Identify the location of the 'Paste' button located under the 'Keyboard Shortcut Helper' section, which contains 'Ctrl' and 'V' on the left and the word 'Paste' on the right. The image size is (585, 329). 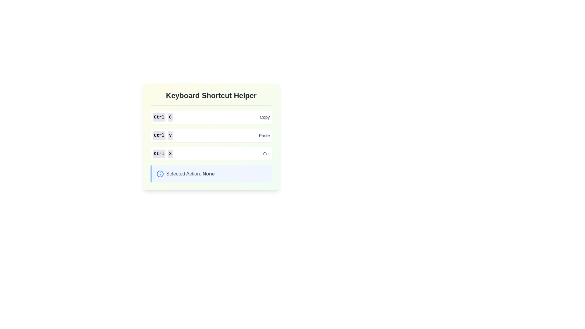
(211, 135).